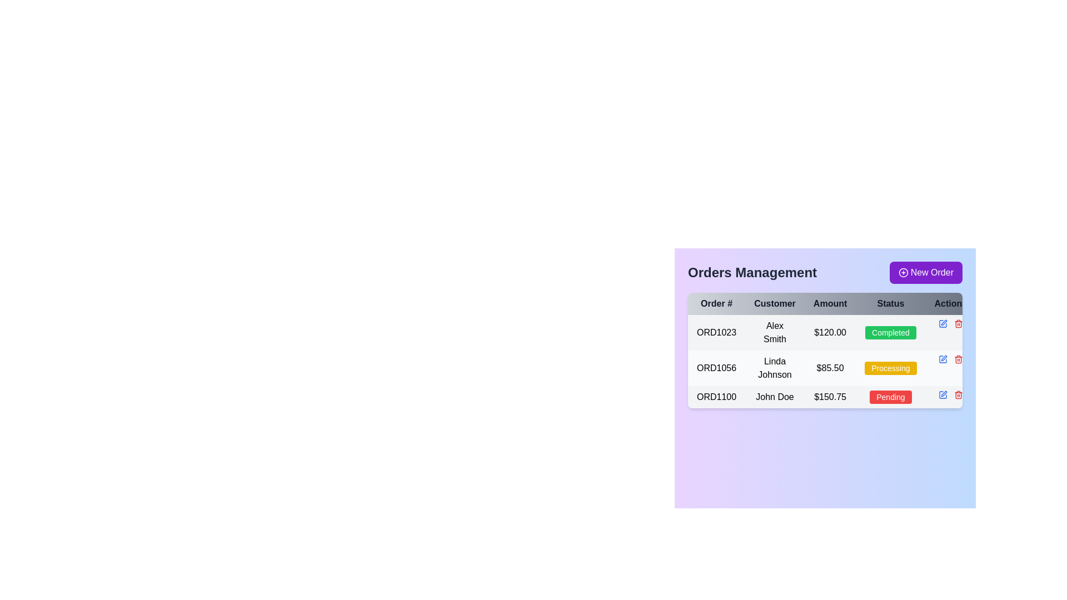 The image size is (1067, 600). What do you see at coordinates (716, 396) in the screenshot?
I see `the Text Label element displaying 'ORD1100', which is located in the first column of the third row in the order details table` at bounding box center [716, 396].